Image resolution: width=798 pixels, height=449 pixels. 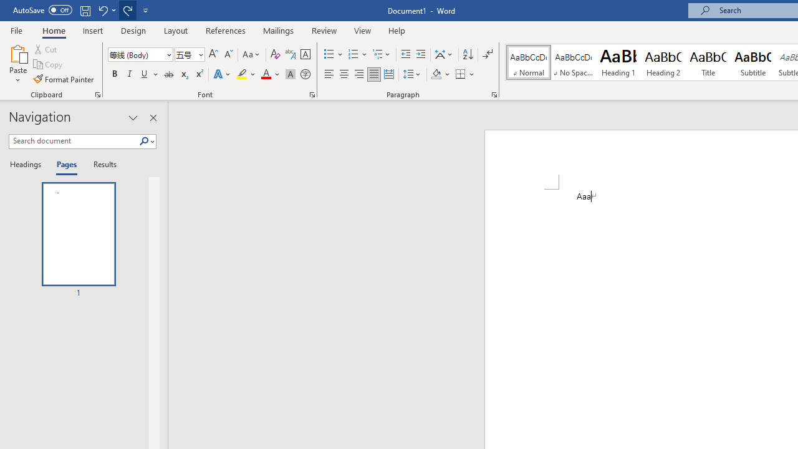 What do you see at coordinates (213, 54) in the screenshot?
I see `'Grow Font'` at bounding box center [213, 54].